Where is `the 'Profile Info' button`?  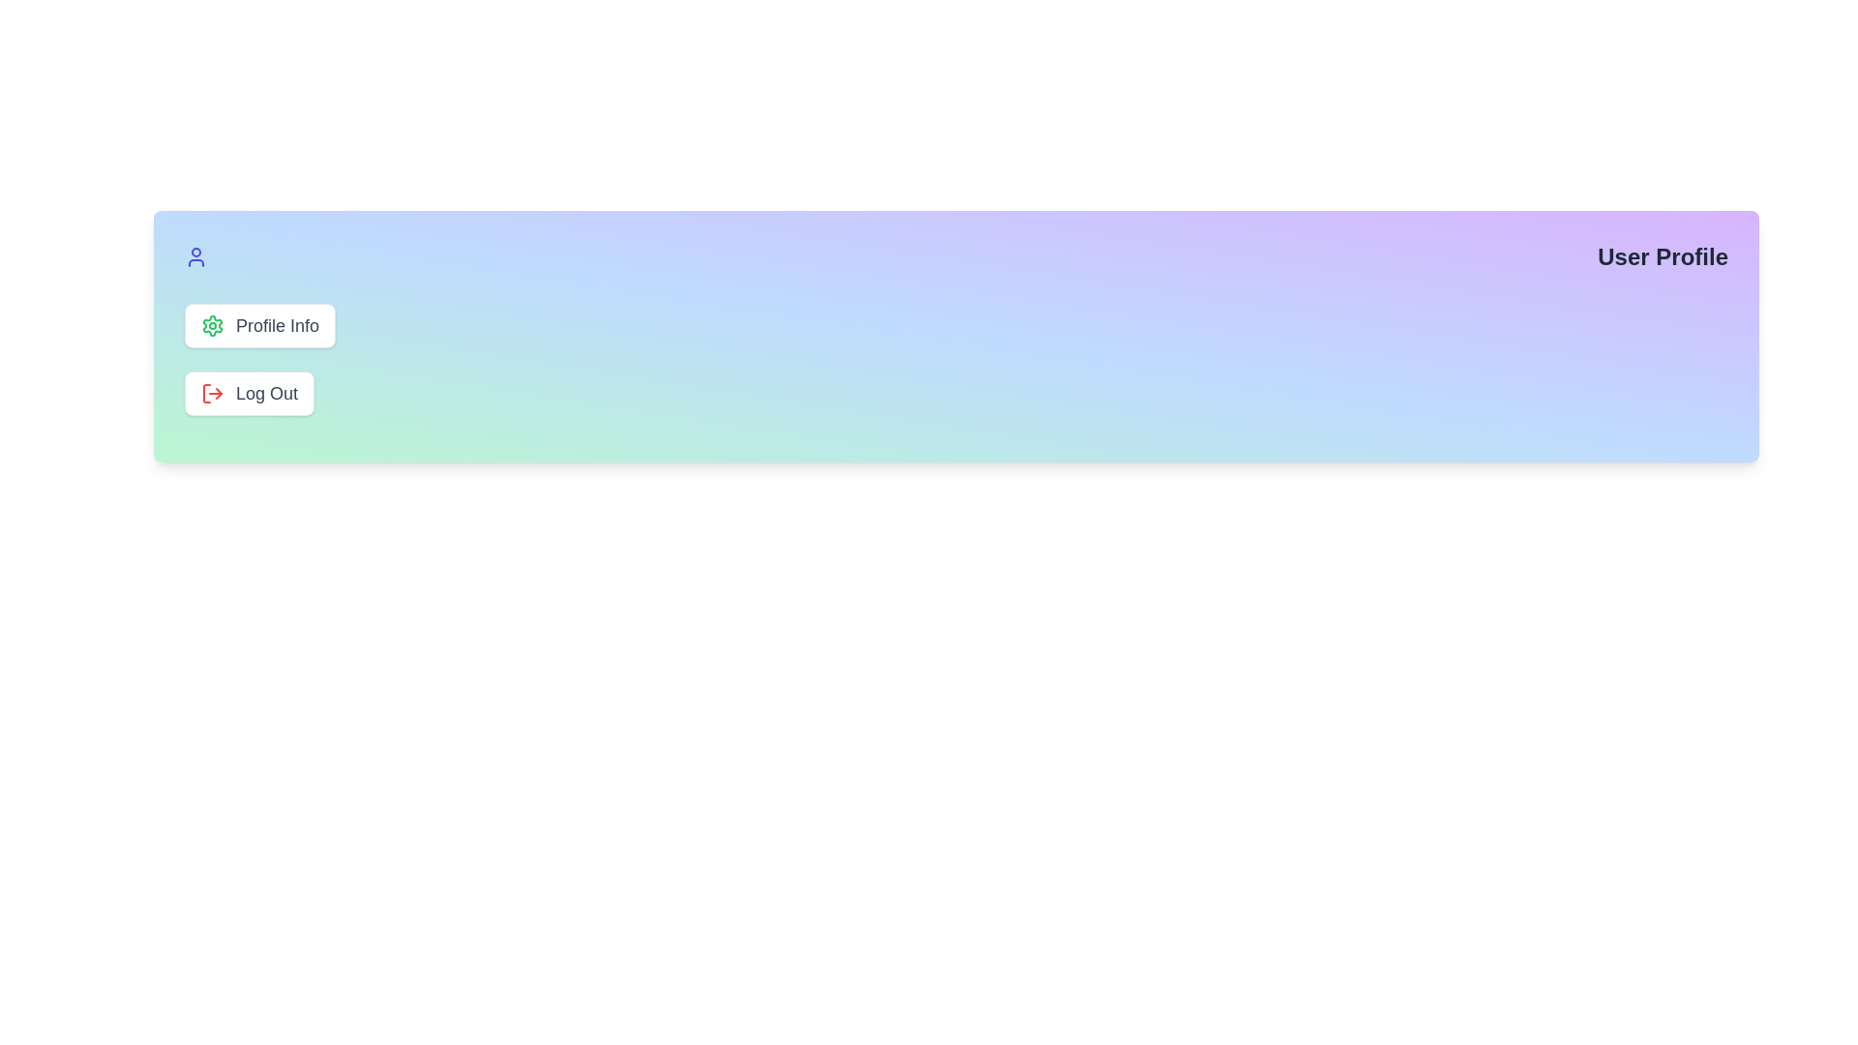 the 'Profile Info' button is located at coordinates (258, 324).